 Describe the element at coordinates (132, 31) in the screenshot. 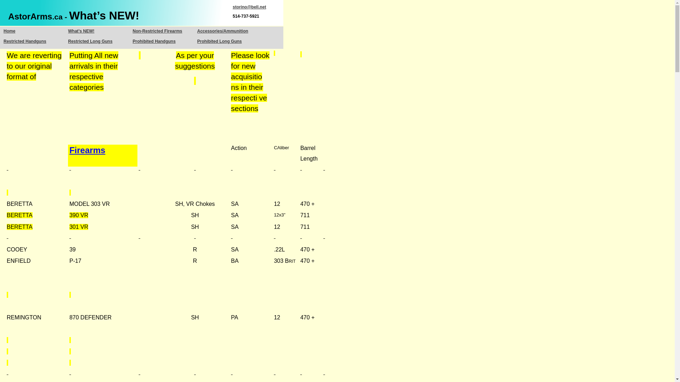

I see `'Non-Restricted Firearms'` at that location.